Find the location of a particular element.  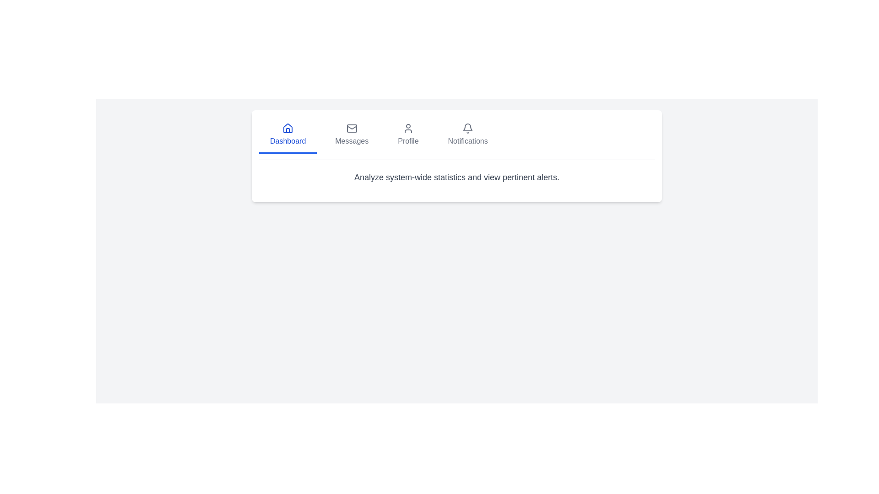

the Profile tab to activate it is located at coordinates (407, 136).